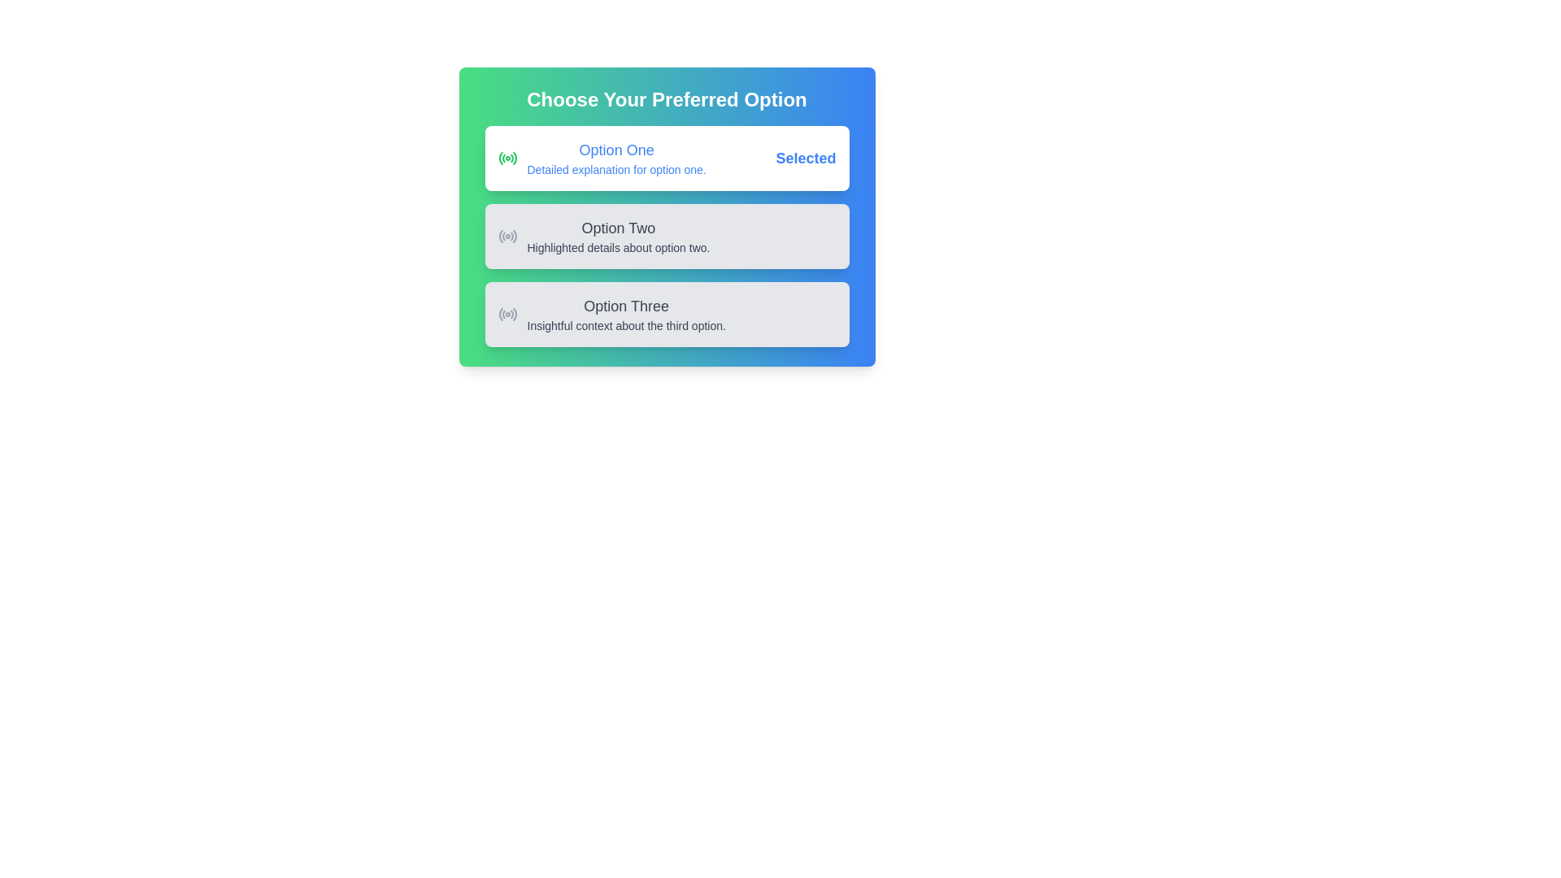 Image resolution: width=1561 pixels, height=878 pixels. What do you see at coordinates (667, 159) in the screenshot?
I see `the first selectable option in the vertical list, which is visually indicated as the current selection` at bounding box center [667, 159].